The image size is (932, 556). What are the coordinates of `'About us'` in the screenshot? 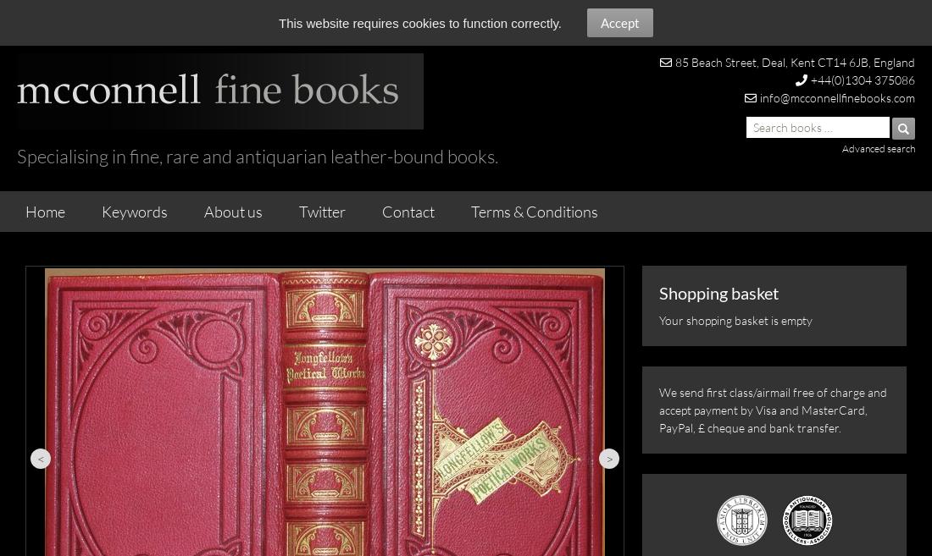 It's located at (233, 211).